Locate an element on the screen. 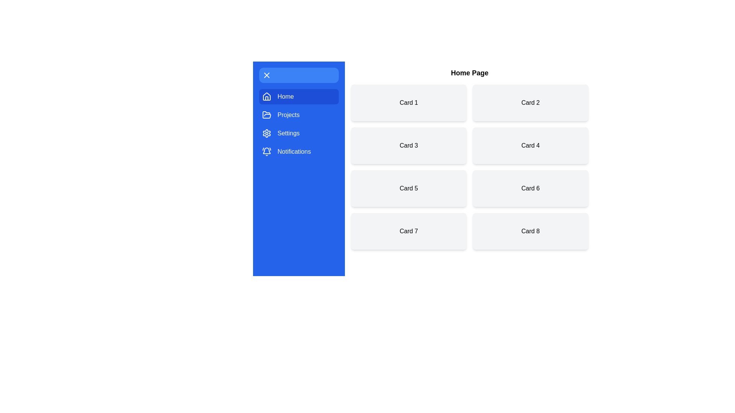 This screenshot has height=413, width=735. the toggle button to change the drawer state is located at coordinates (299, 75).